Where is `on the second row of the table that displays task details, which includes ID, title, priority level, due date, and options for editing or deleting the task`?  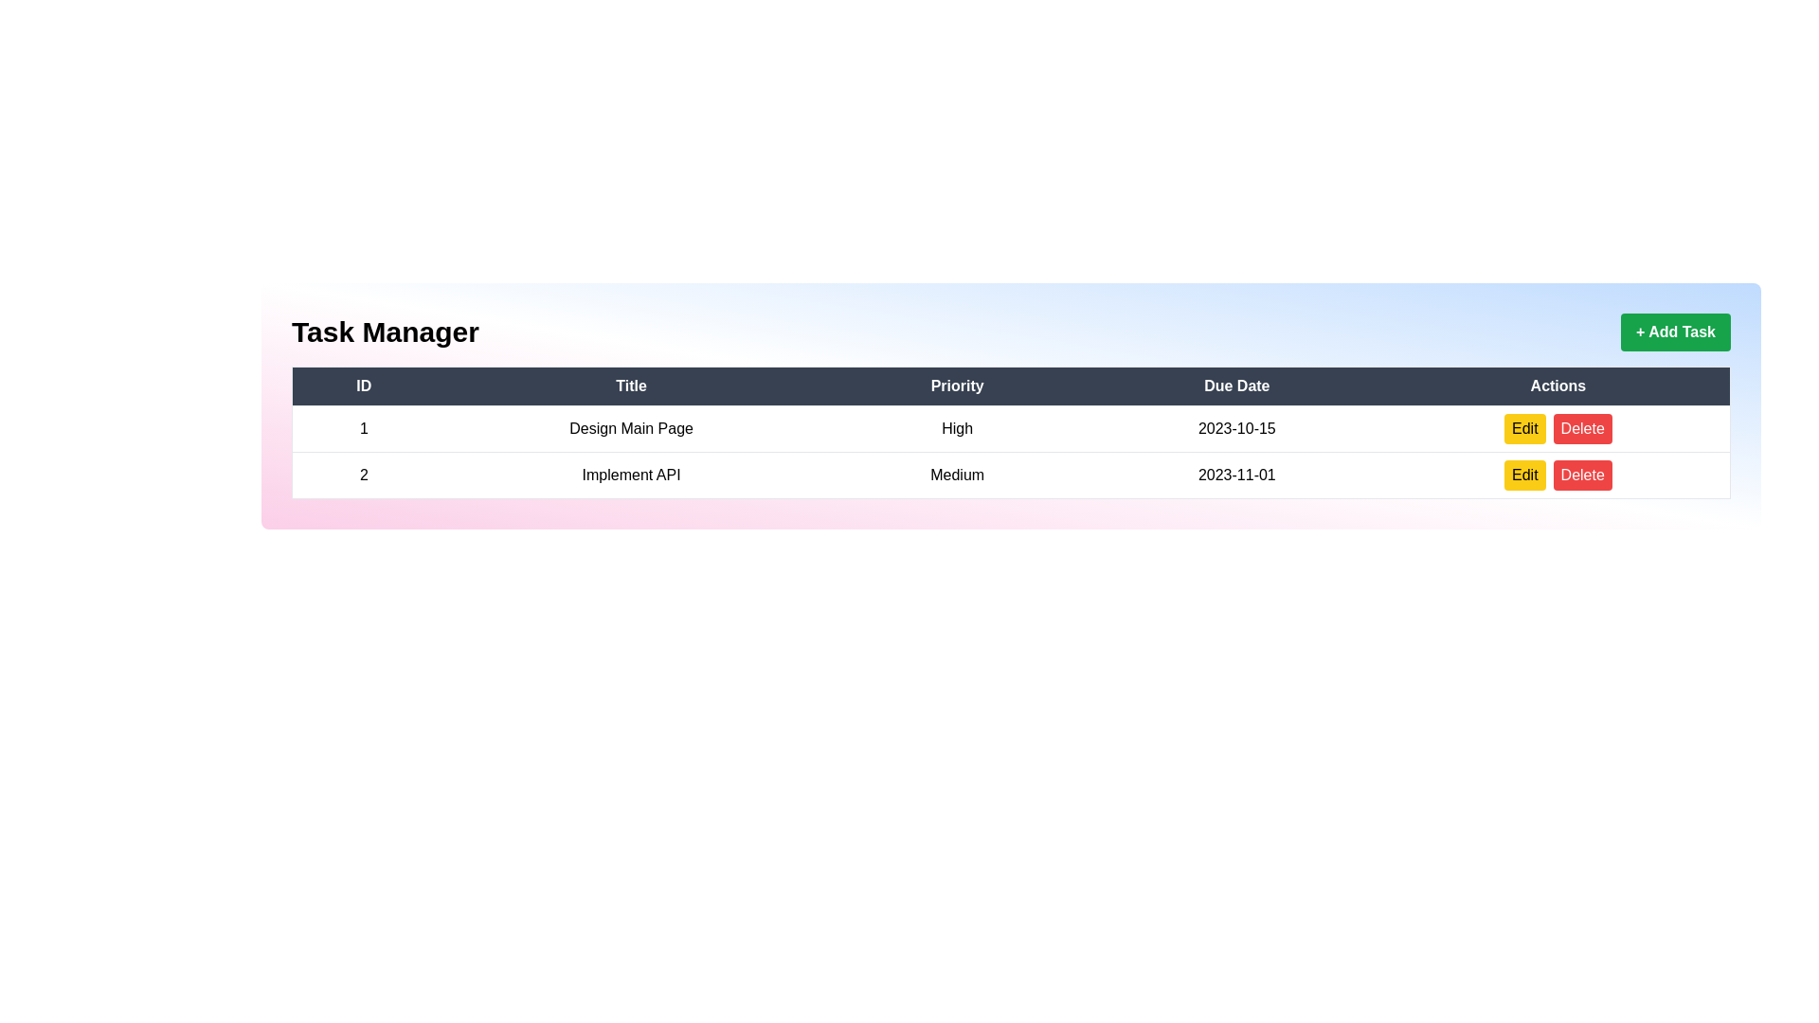 on the second row of the table that displays task details, which includes ID, title, priority level, due date, and options for editing or deleting the task is located at coordinates (1010, 474).